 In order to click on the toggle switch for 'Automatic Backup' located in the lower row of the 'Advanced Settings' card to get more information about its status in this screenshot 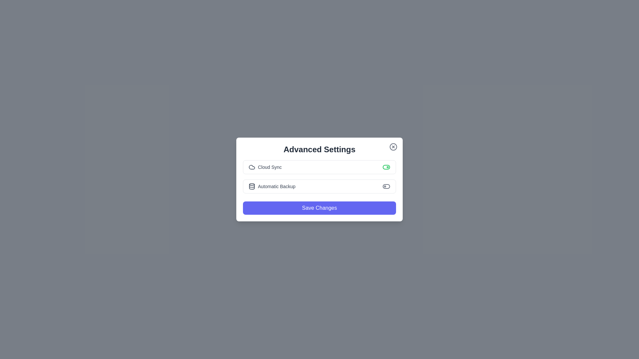, I will do `click(386, 186)`.